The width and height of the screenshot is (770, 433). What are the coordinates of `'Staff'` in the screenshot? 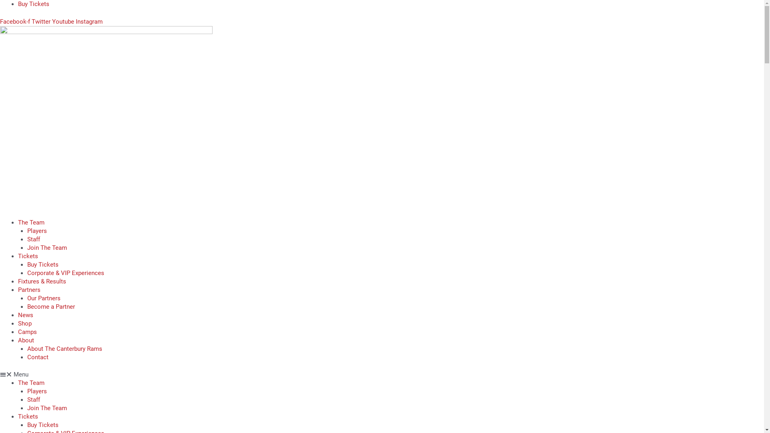 It's located at (33, 399).